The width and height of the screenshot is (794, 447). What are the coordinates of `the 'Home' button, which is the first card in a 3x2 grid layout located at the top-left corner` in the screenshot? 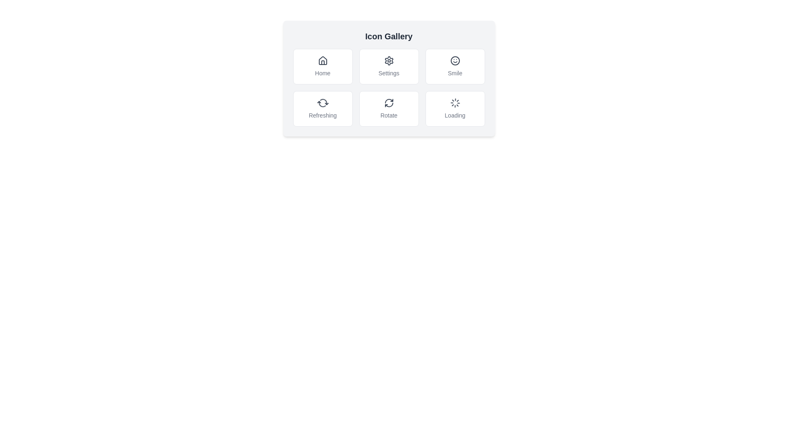 It's located at (322, 66).